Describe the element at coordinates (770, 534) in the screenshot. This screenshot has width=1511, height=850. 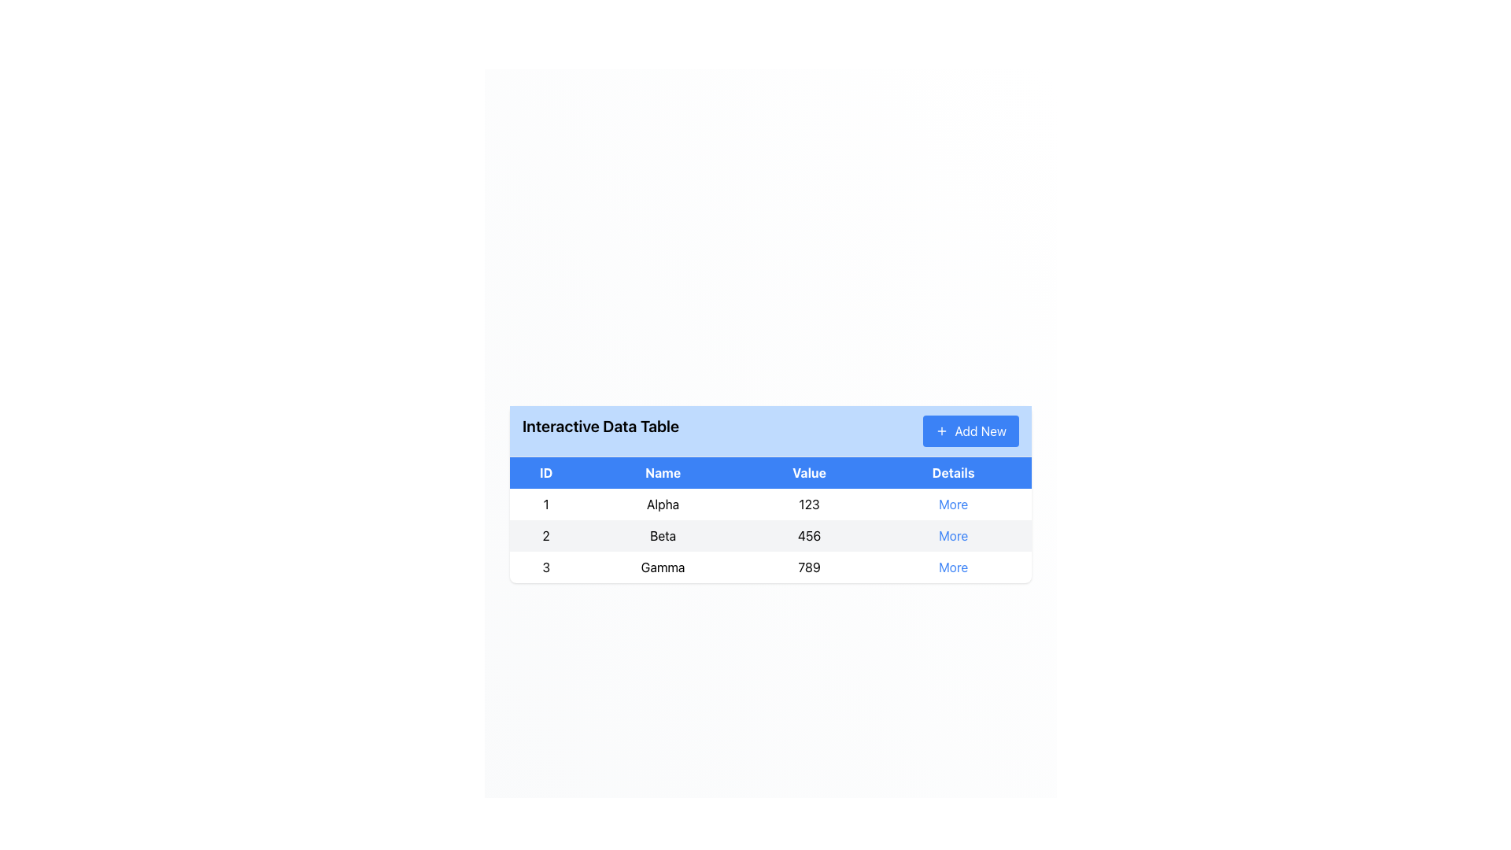
I see `the Table Cell displaying the numeric value in the second row under the 'Value' column to interact with it` at that location.